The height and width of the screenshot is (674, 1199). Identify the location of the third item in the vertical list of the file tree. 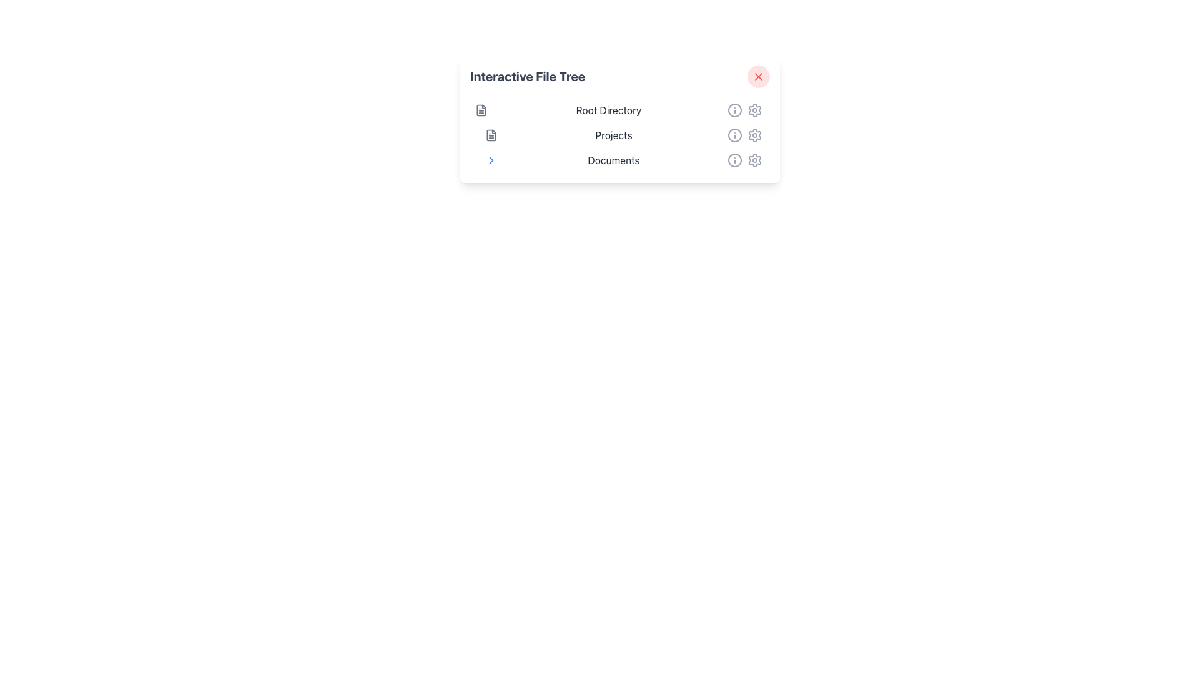
(625, 160).